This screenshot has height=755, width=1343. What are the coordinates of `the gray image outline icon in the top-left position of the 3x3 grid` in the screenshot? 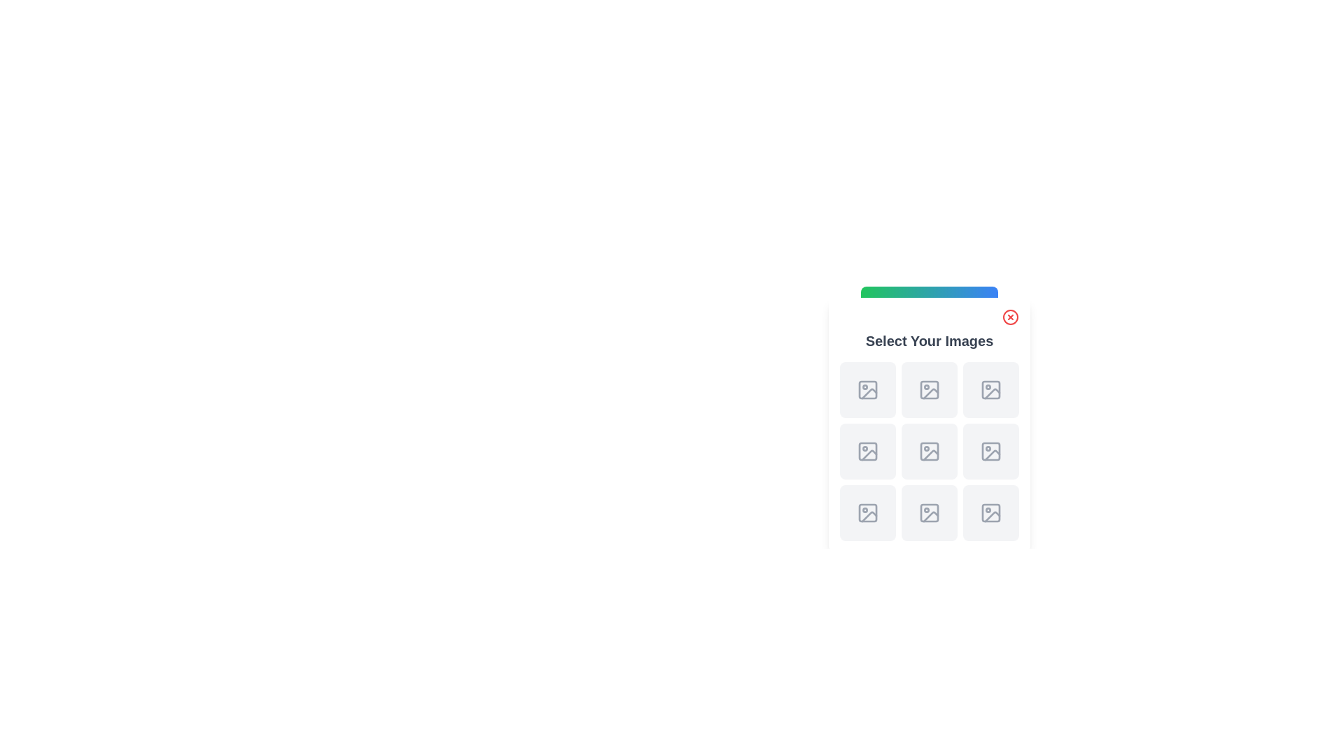 It's located at (867, 390).